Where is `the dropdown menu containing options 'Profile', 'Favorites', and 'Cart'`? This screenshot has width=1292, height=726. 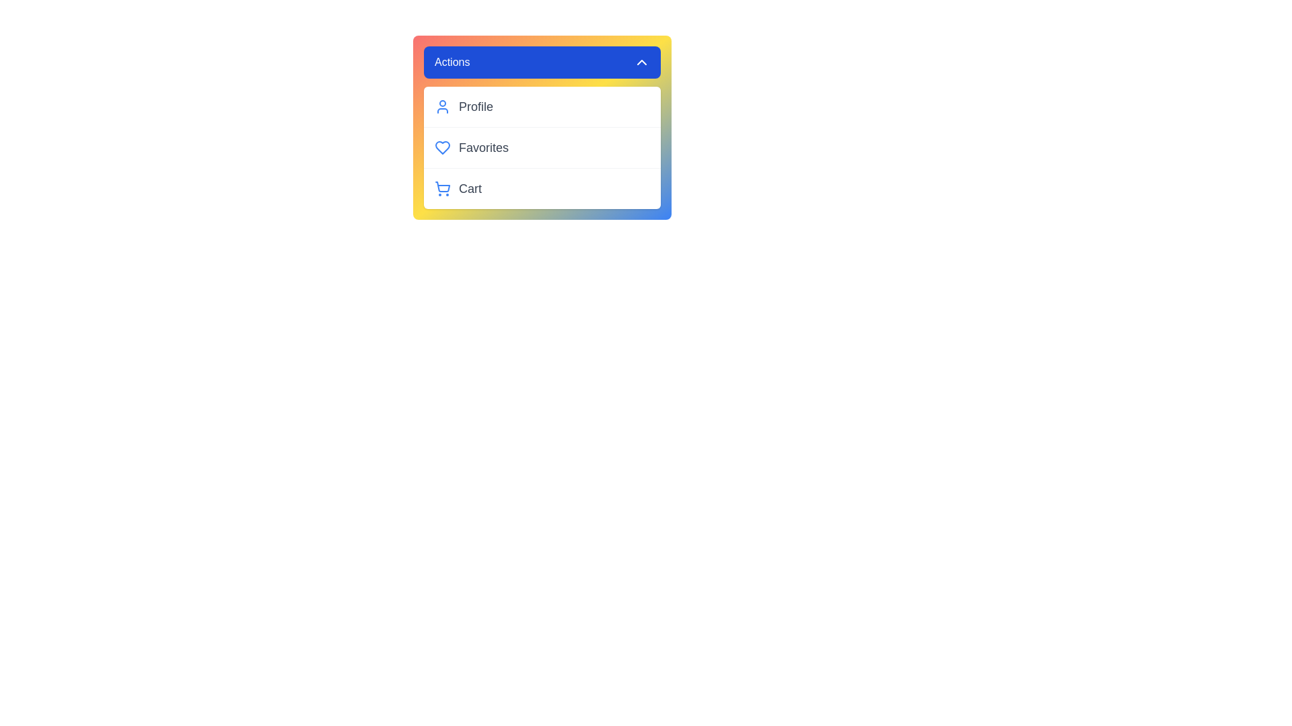 the dropdown menu containing options 'Profile', 'Favorites', and 'Cart' is located at coordinates (542, 147).